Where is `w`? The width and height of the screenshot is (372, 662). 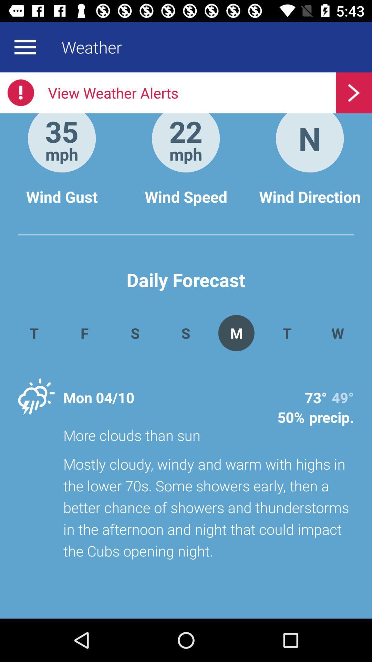 w is located at coordinates (337, 333).